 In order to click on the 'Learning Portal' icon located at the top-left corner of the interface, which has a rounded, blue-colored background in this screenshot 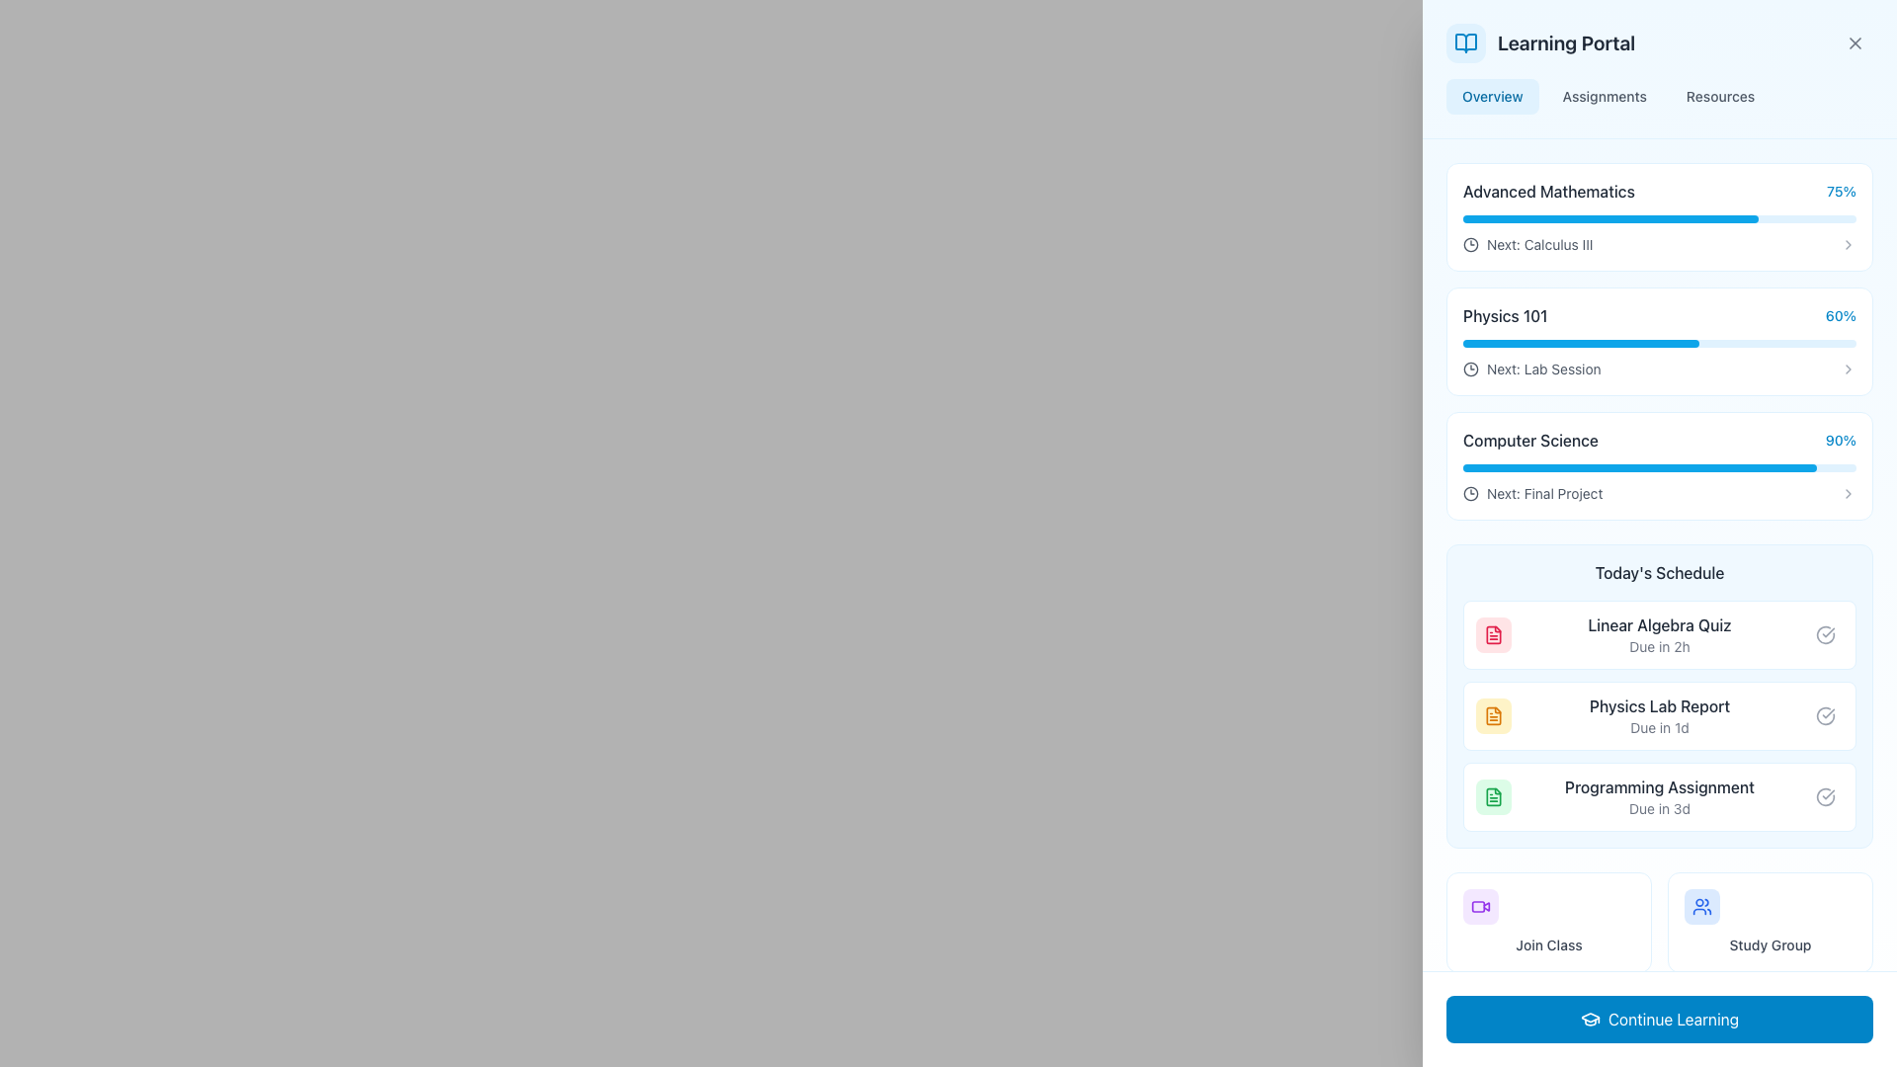, I will do `click(1465, 42)`.